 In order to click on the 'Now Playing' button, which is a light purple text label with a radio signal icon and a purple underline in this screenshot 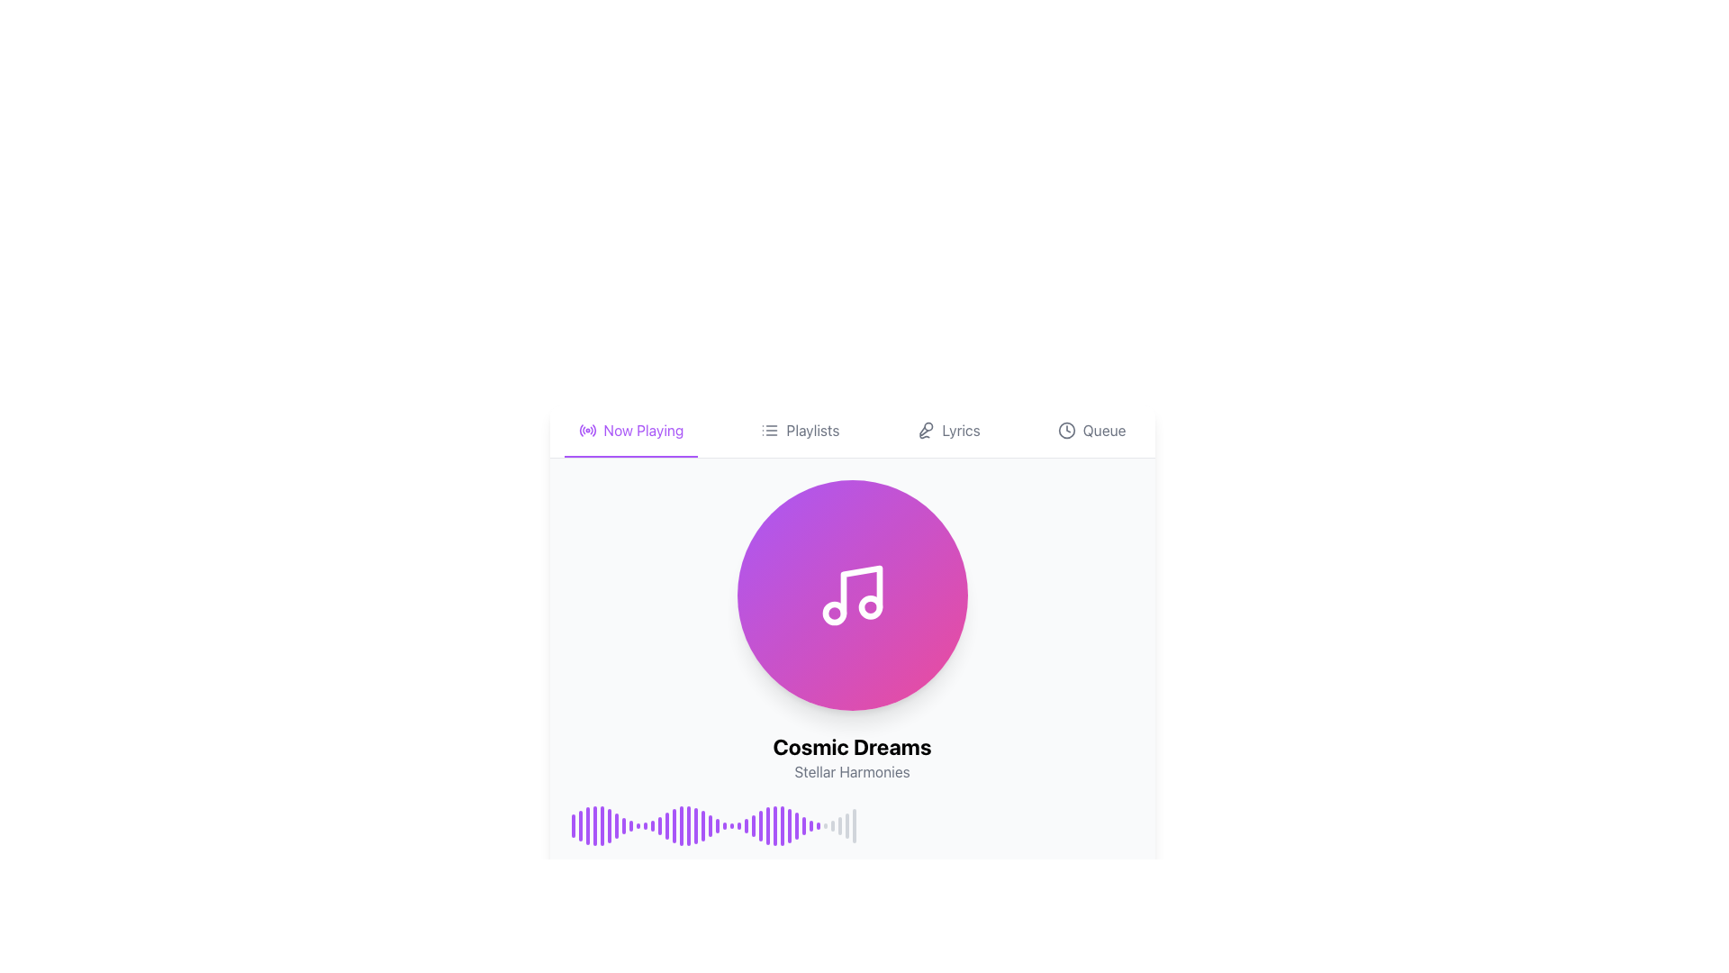, I will do `click(630, 431)`.